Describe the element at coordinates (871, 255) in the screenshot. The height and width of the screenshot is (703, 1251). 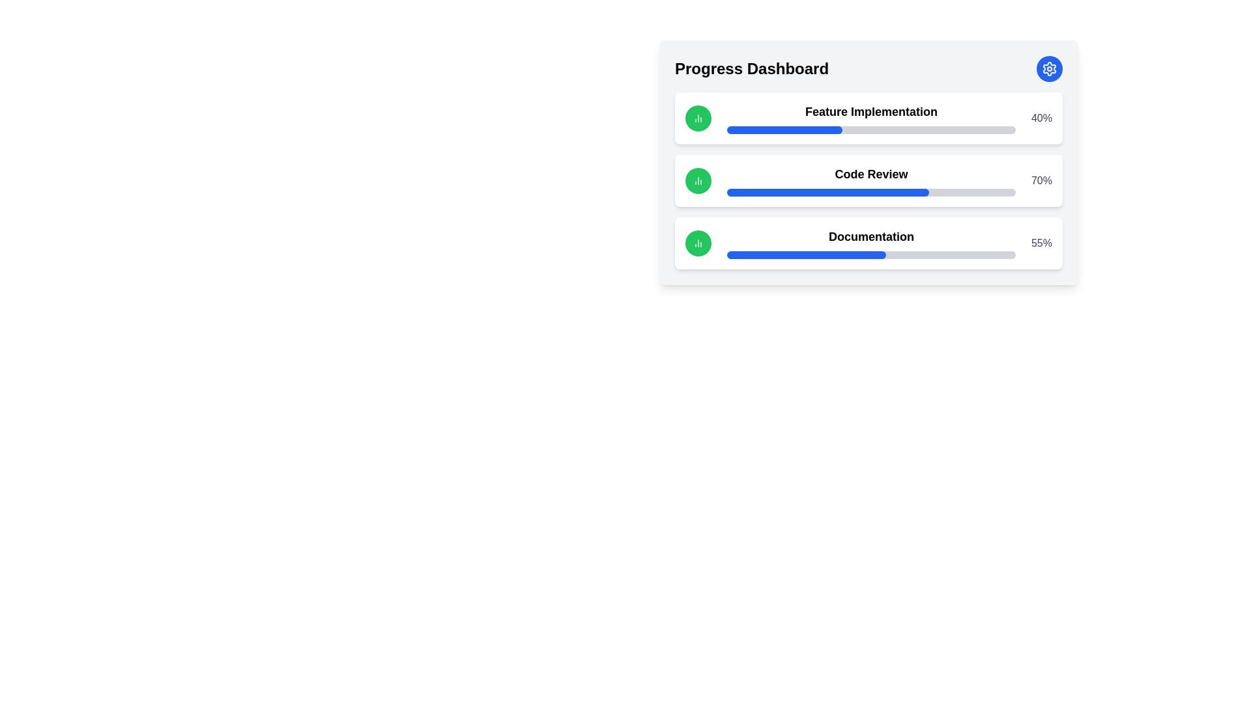
I see `the third progress bar in the 'Progress Dashboard' interface that visually represents the progress status of the task named 'Documentation'` at that location.